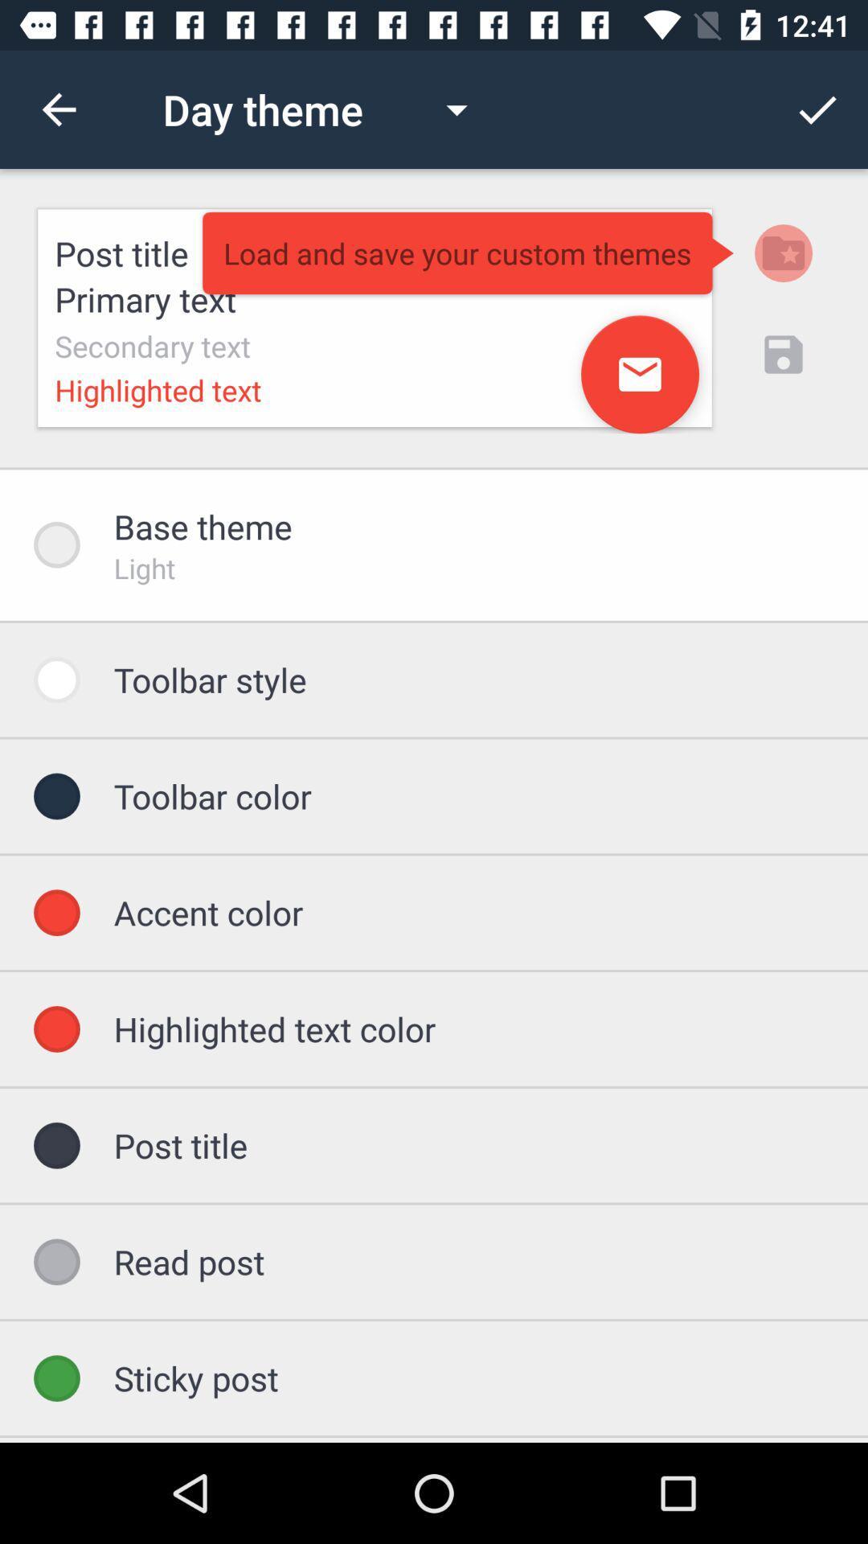  Describe the element at coordinates (783, 253) in the screenshot. I see `the second icon from the right top of the page` at that location.